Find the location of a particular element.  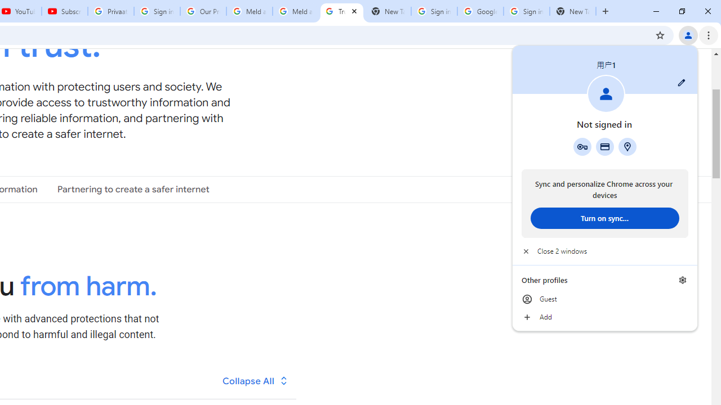

'Partnering to create a safer internet' is located at coordinates (133, 188).